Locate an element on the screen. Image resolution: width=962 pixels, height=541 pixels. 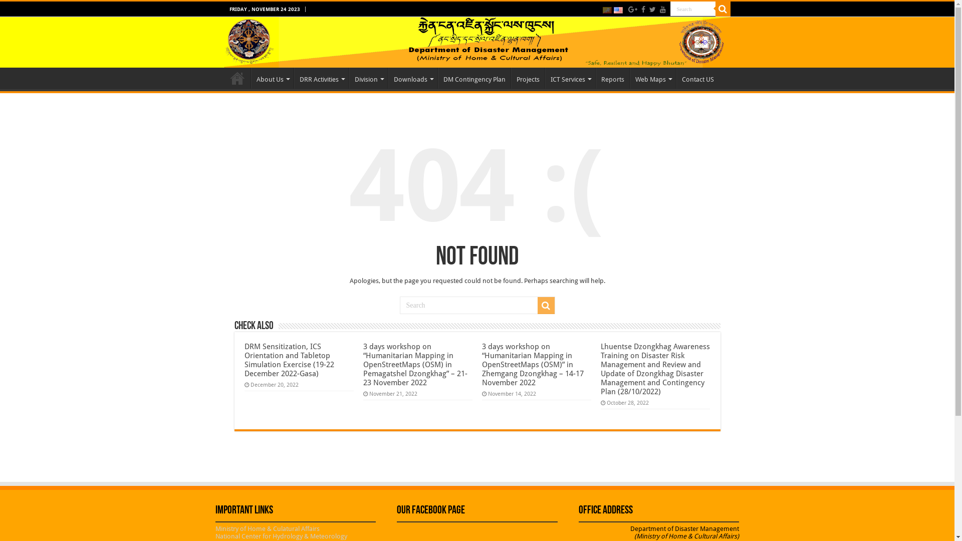
'Youtube' is located at coordinates (662, 10).